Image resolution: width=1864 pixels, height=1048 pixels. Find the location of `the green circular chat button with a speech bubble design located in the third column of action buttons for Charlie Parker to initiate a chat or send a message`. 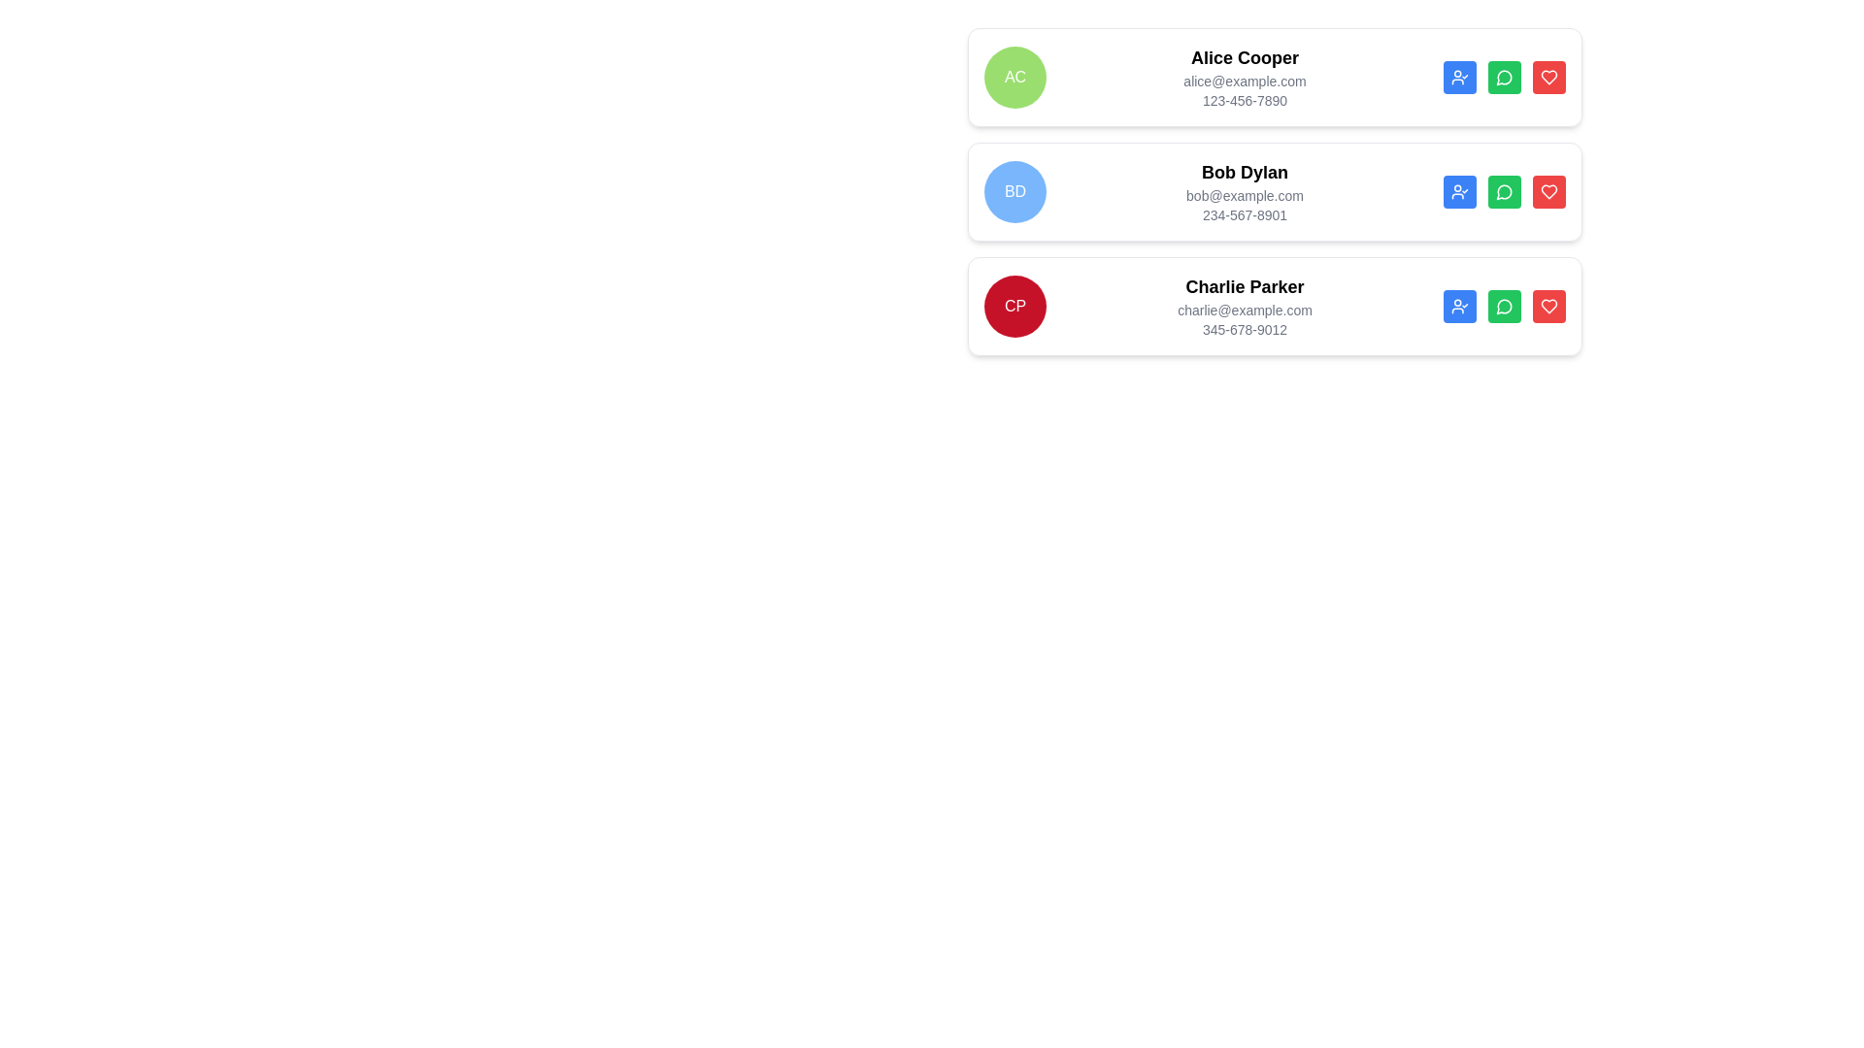

the green circular chat button with a speech bubble design located in the third column of action buttons for Charlie Parker to initiate a chat or send a message is located at coordinates (1503, 77).